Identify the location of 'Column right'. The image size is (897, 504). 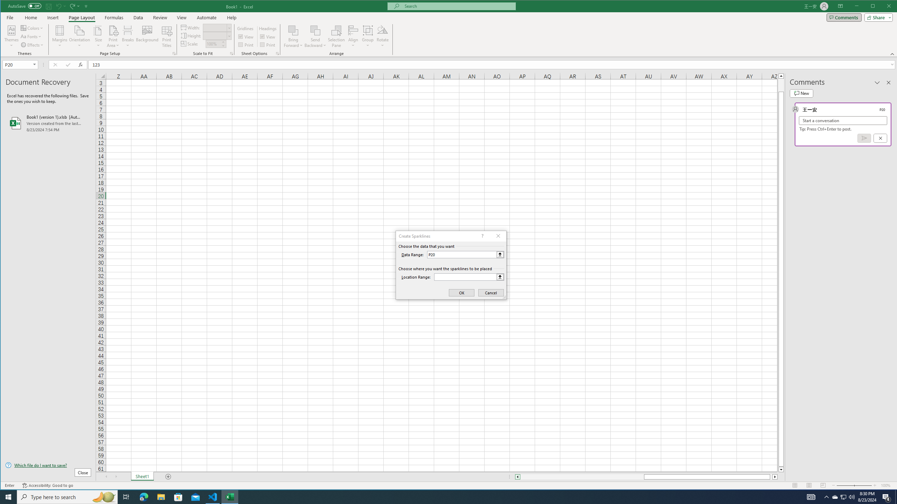
(775, 477).